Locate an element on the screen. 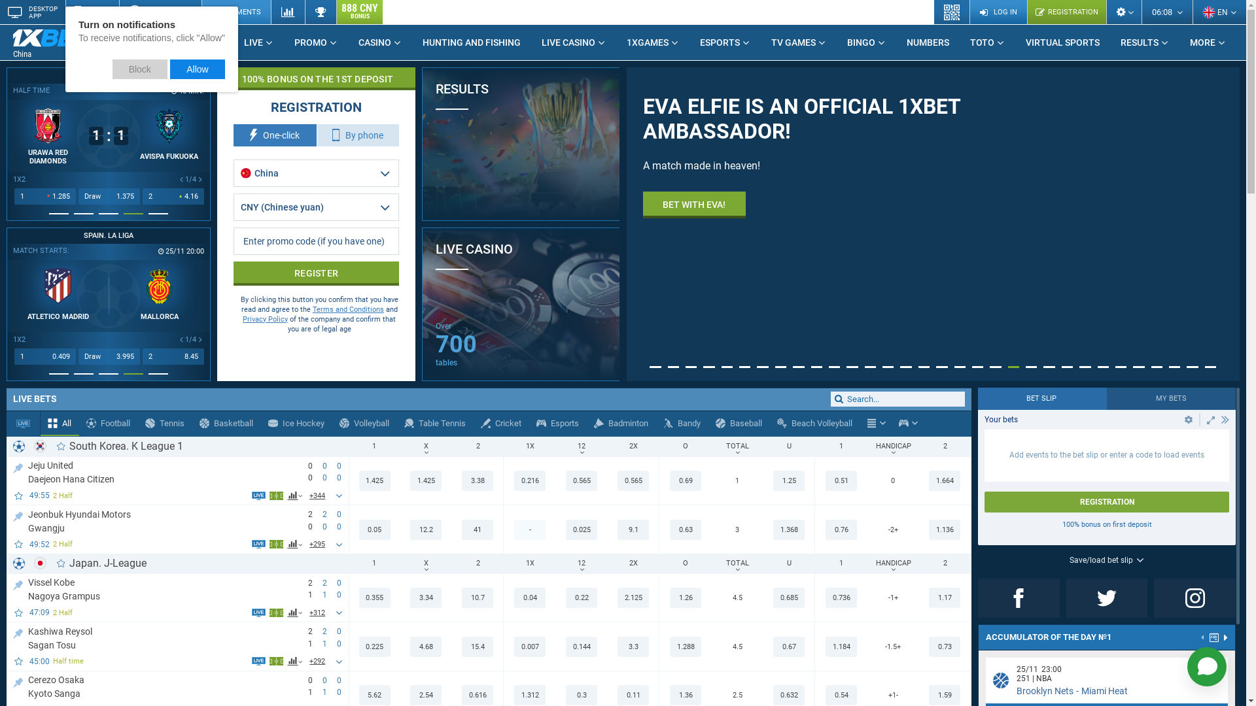 This screenshot has height=706, width=1256. 'Block' is located at coordinates (113, 69).